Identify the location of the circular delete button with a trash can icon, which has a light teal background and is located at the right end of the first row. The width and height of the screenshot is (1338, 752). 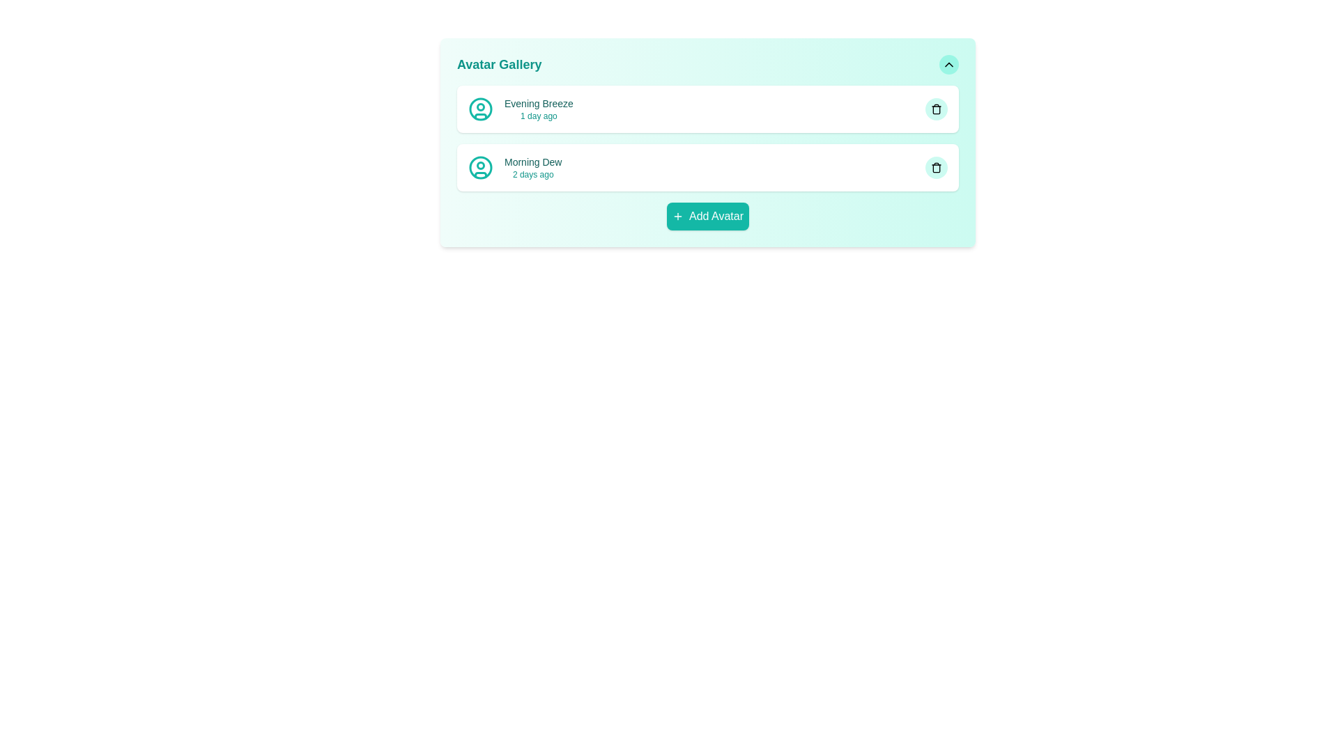
(937, 109).